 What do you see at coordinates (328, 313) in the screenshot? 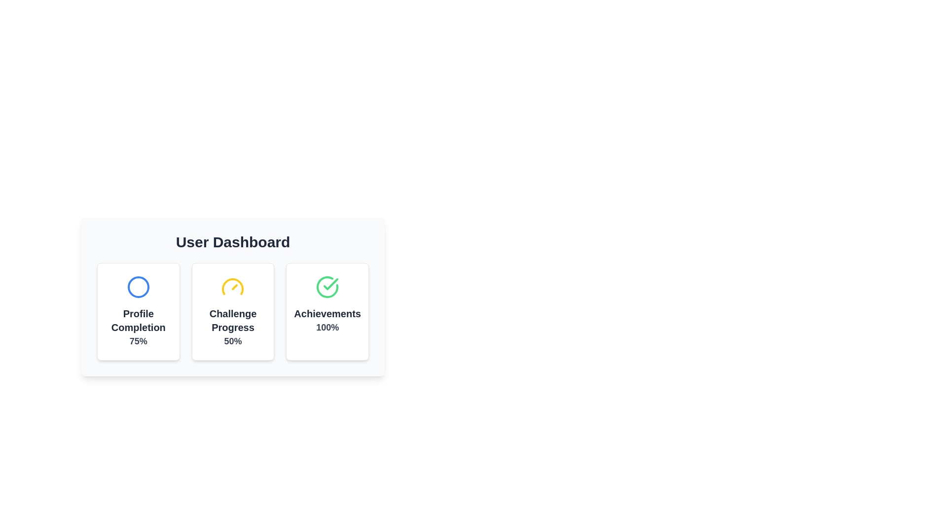
I see `the text label that serves as a title or header for the third card in a row, positioned below a green circular icon and above a smaller text label that reads '100%'` at bounding box center [328, 313].